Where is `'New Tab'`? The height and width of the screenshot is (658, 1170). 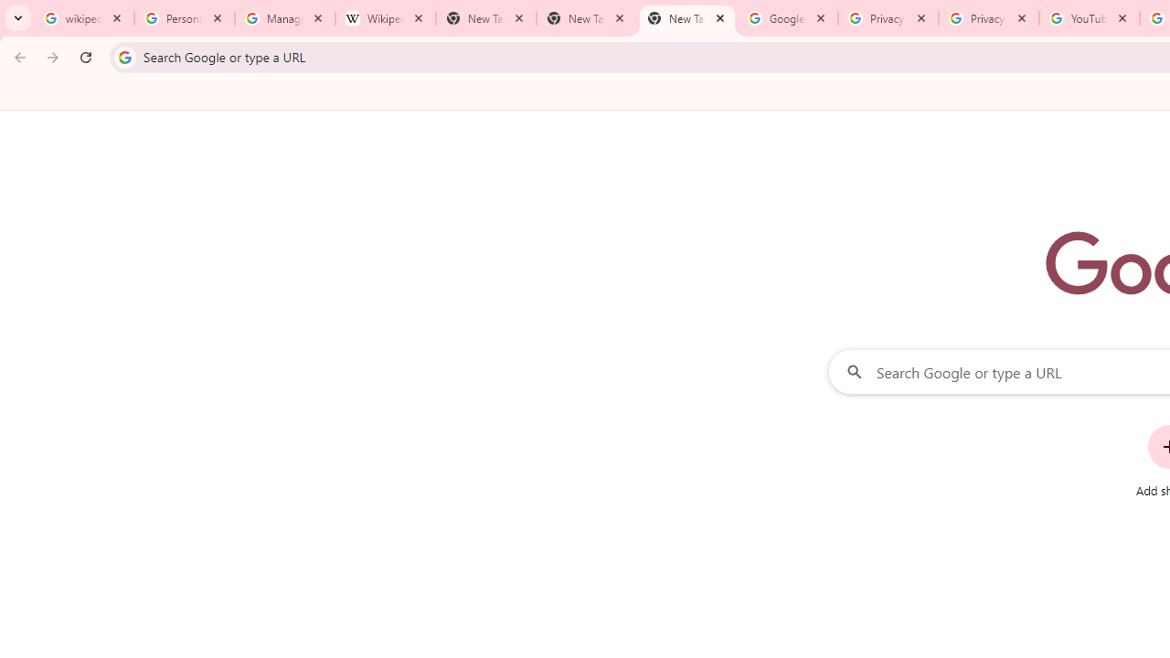
'New Tab' is located at coordinates (686, 18).